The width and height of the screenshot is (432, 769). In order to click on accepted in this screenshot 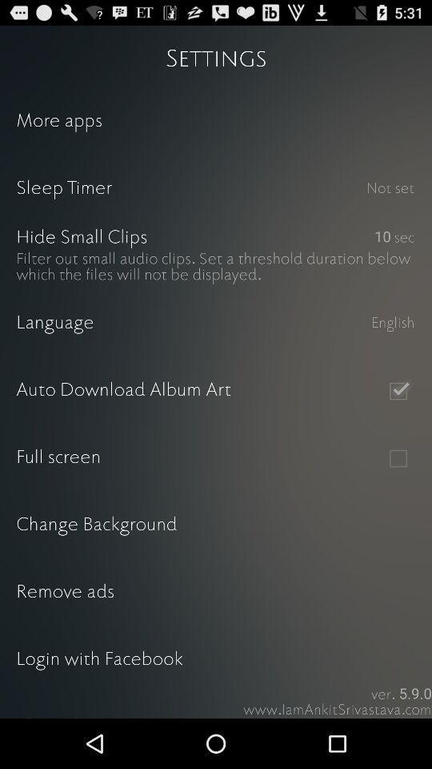, I will do `click(397, 390)`.